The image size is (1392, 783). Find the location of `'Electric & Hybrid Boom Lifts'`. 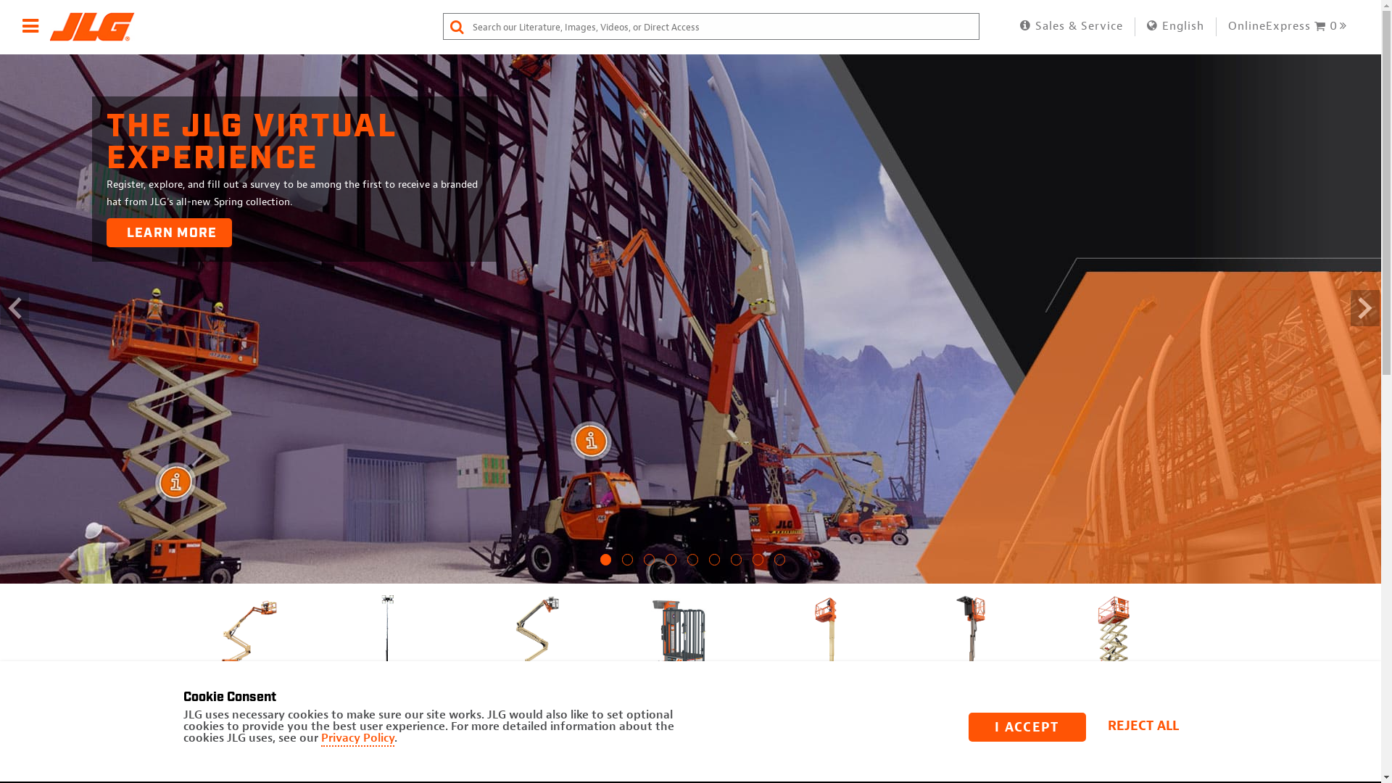

'Electric & Hybrid Boom Lifts' is located at coordinates (534, 651).